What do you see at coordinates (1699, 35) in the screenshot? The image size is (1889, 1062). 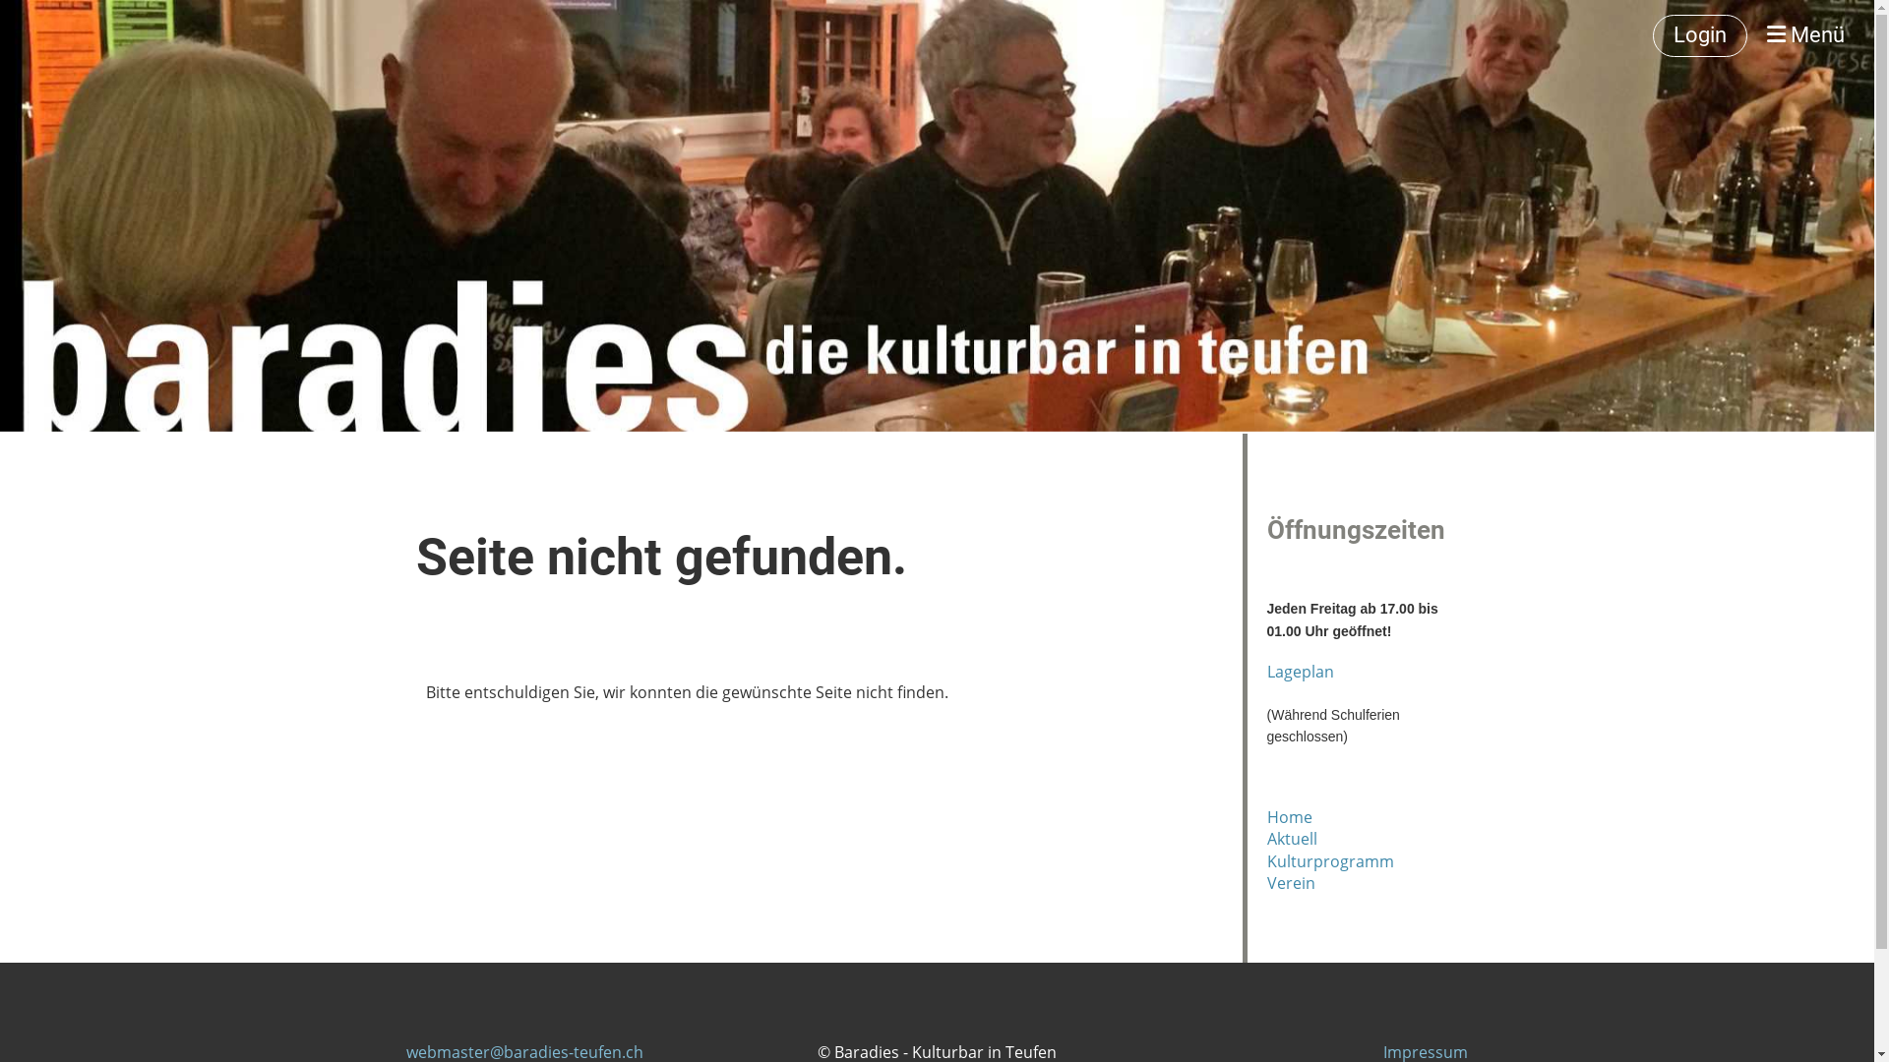 I see `'Login'` at bounding box center [1699, 35].